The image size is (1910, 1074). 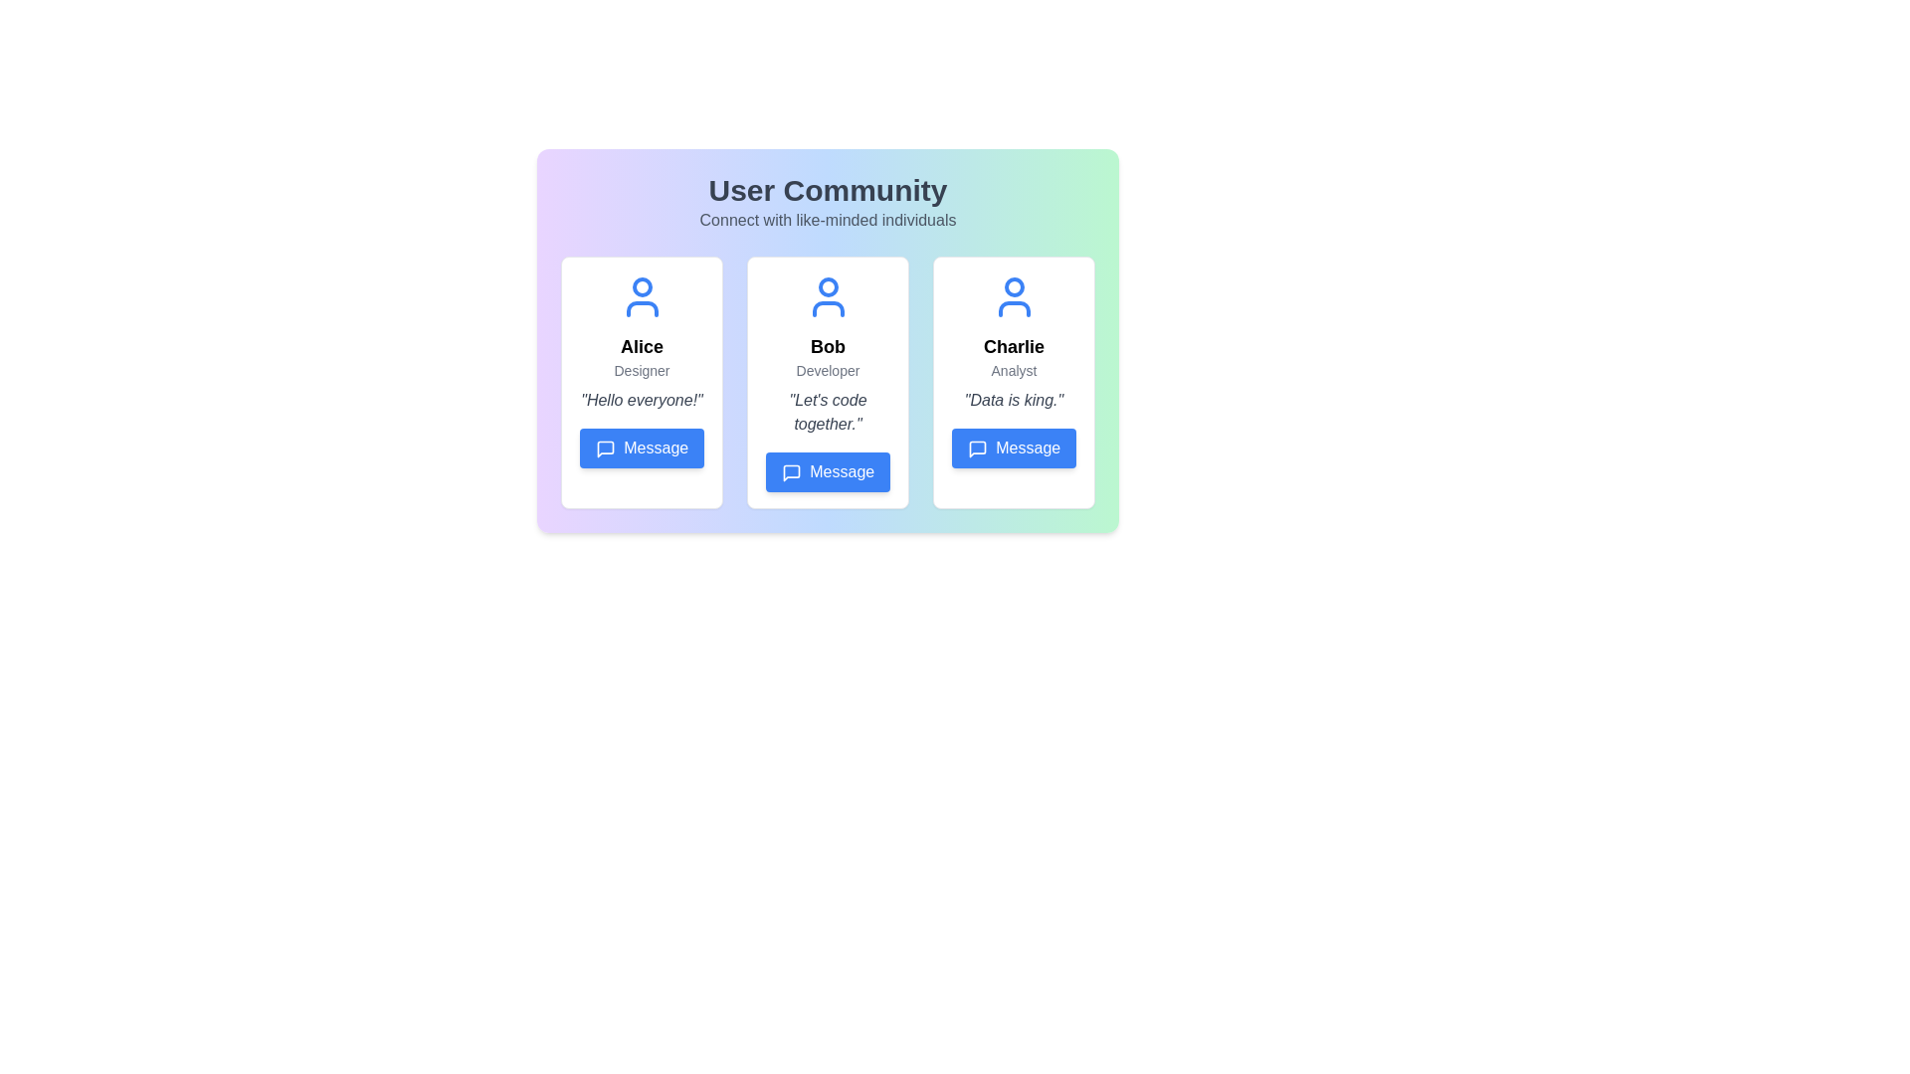 I want to click on the top circular portion (head) of the SVG illustration depicting the user icon for 'Bob' in the user list section, so click(x=828, y=287).